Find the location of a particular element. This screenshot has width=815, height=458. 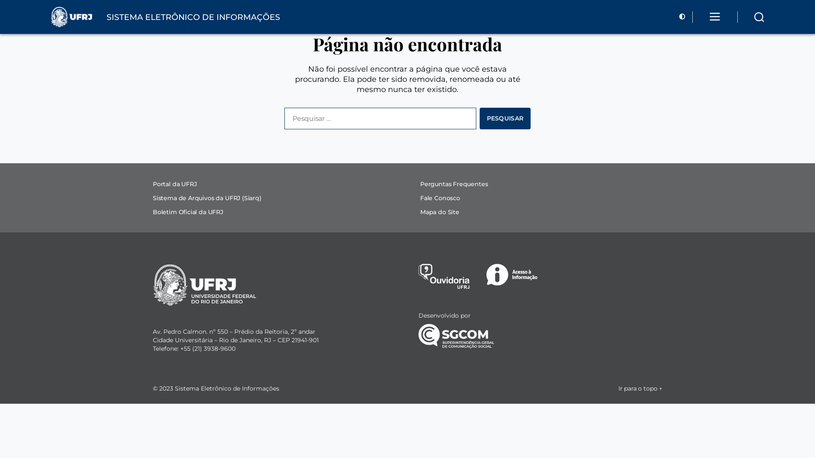

'Sistema de Arquivos da UFRJ (Siarq)' is located at coordinates (207, 198).